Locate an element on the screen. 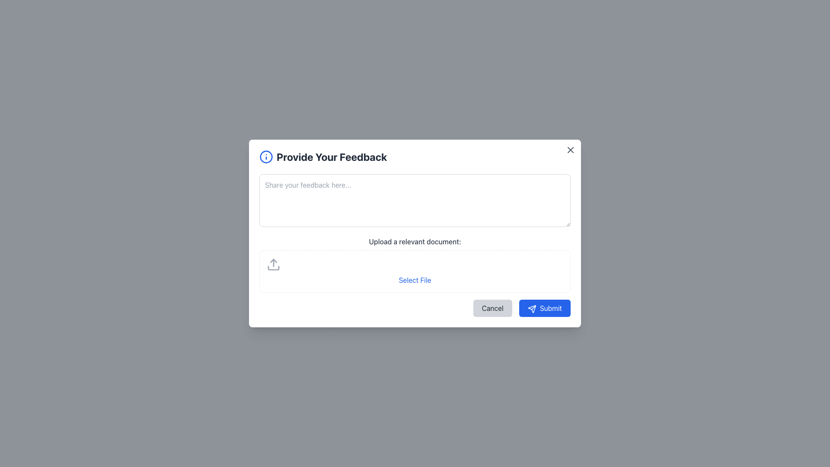 Image resolution: width=830 pixels, height=467 pixels. the small square-shaped gray button with an 'X' symbol at the top-right corner of the 'Provide Your Feedback' modal is located at coordinates (571, 150).